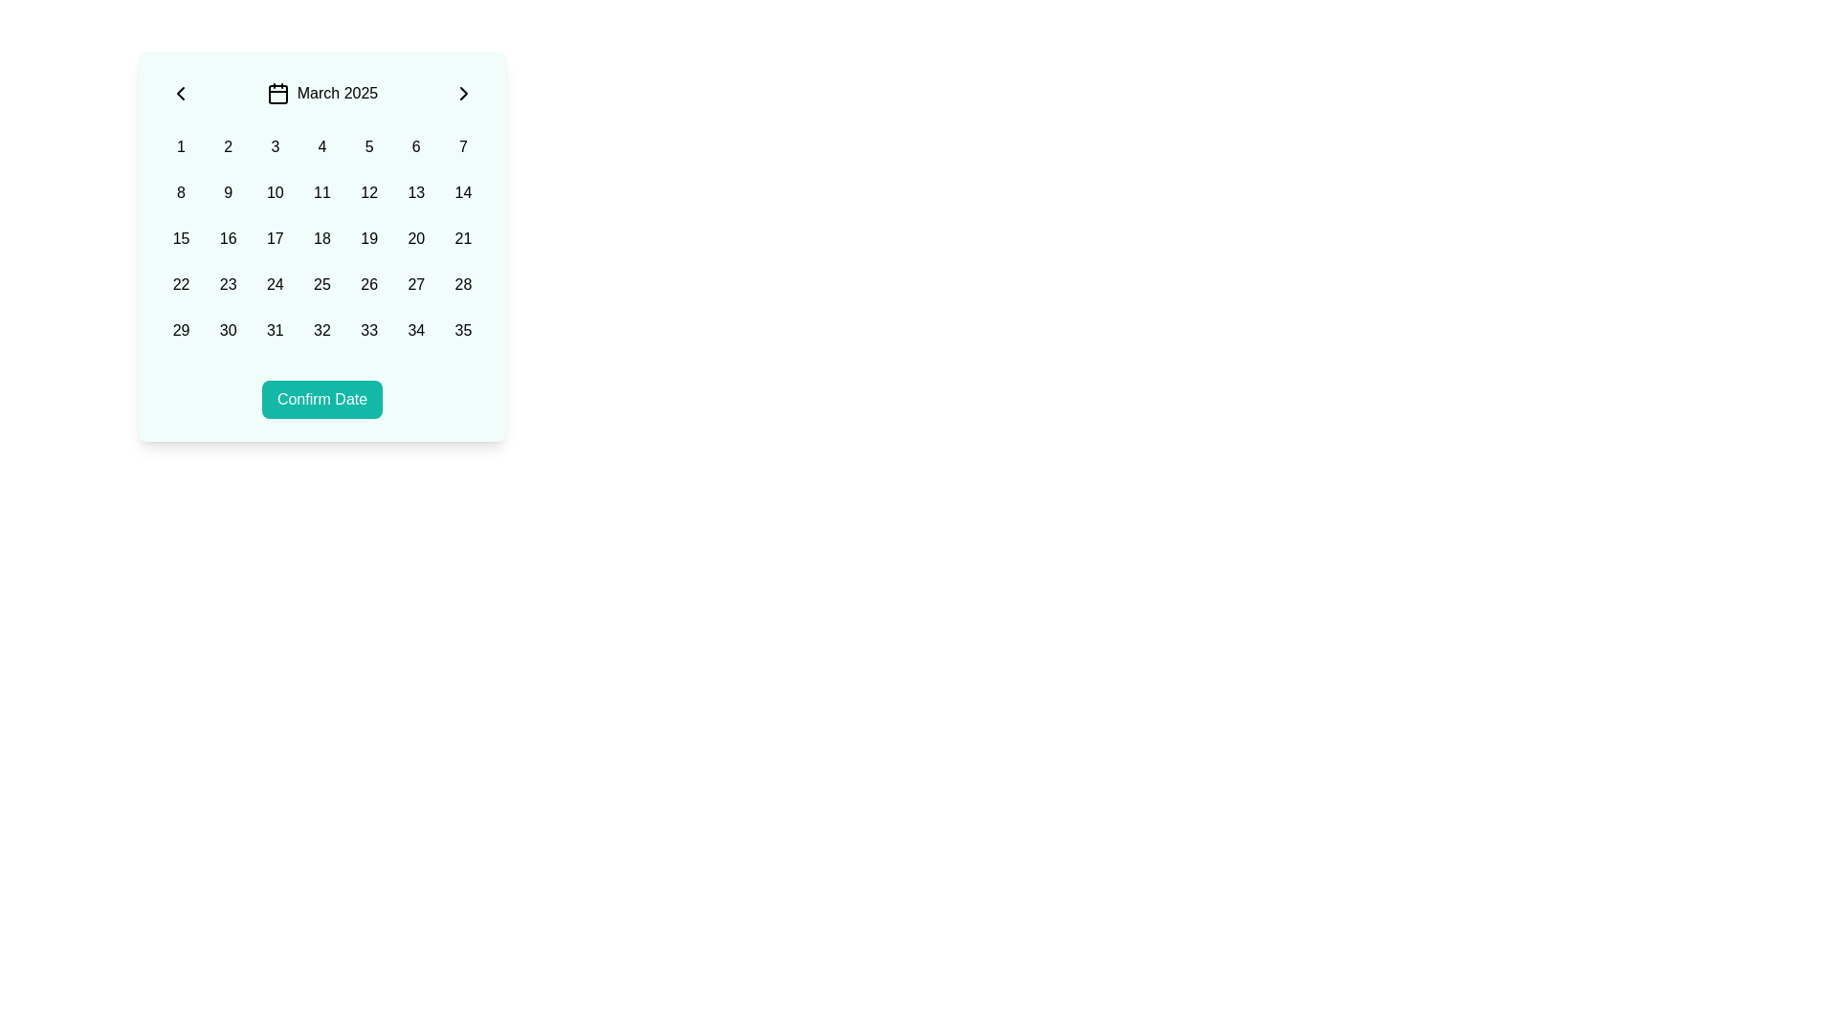 The width and height of the screenshot is (1837, 1033). What do you see at coordinates (274, 284) in the screenshot?
I see `the calendar day button displaying '24'` at bounding box center [274, 284].